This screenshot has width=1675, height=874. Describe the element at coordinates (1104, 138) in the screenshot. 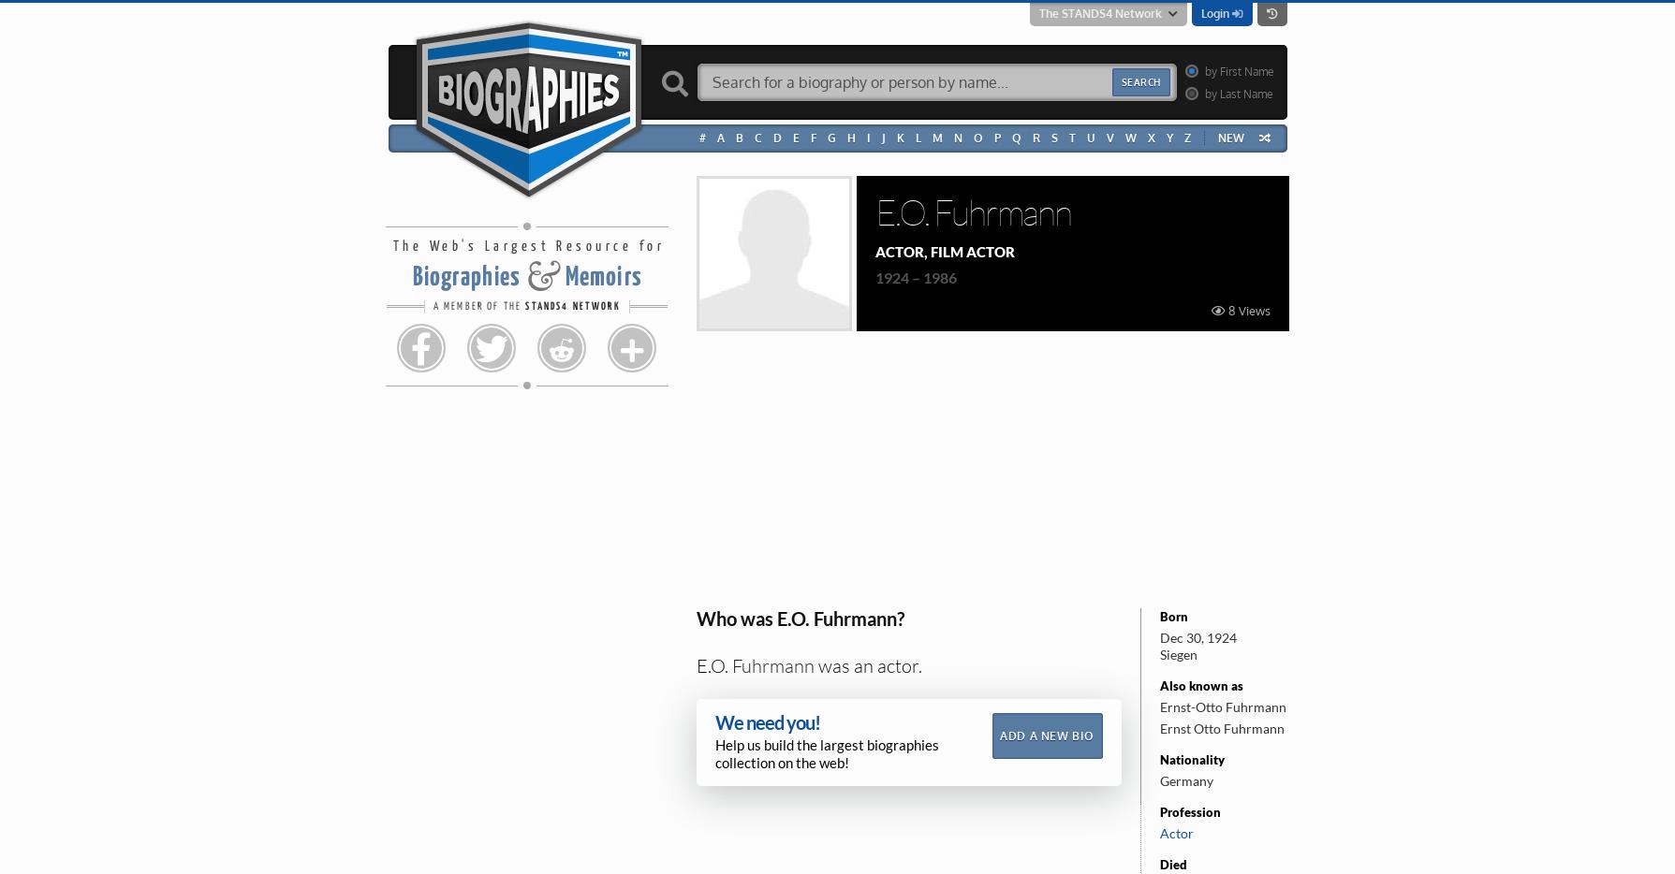

I see `'V'` at that location.